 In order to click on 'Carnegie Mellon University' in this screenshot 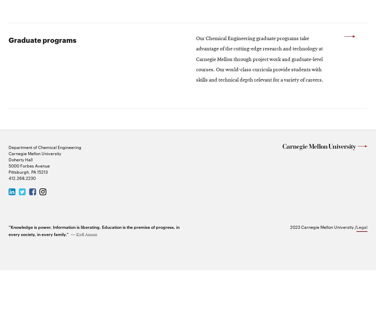, I will do `click(8, 205)`.